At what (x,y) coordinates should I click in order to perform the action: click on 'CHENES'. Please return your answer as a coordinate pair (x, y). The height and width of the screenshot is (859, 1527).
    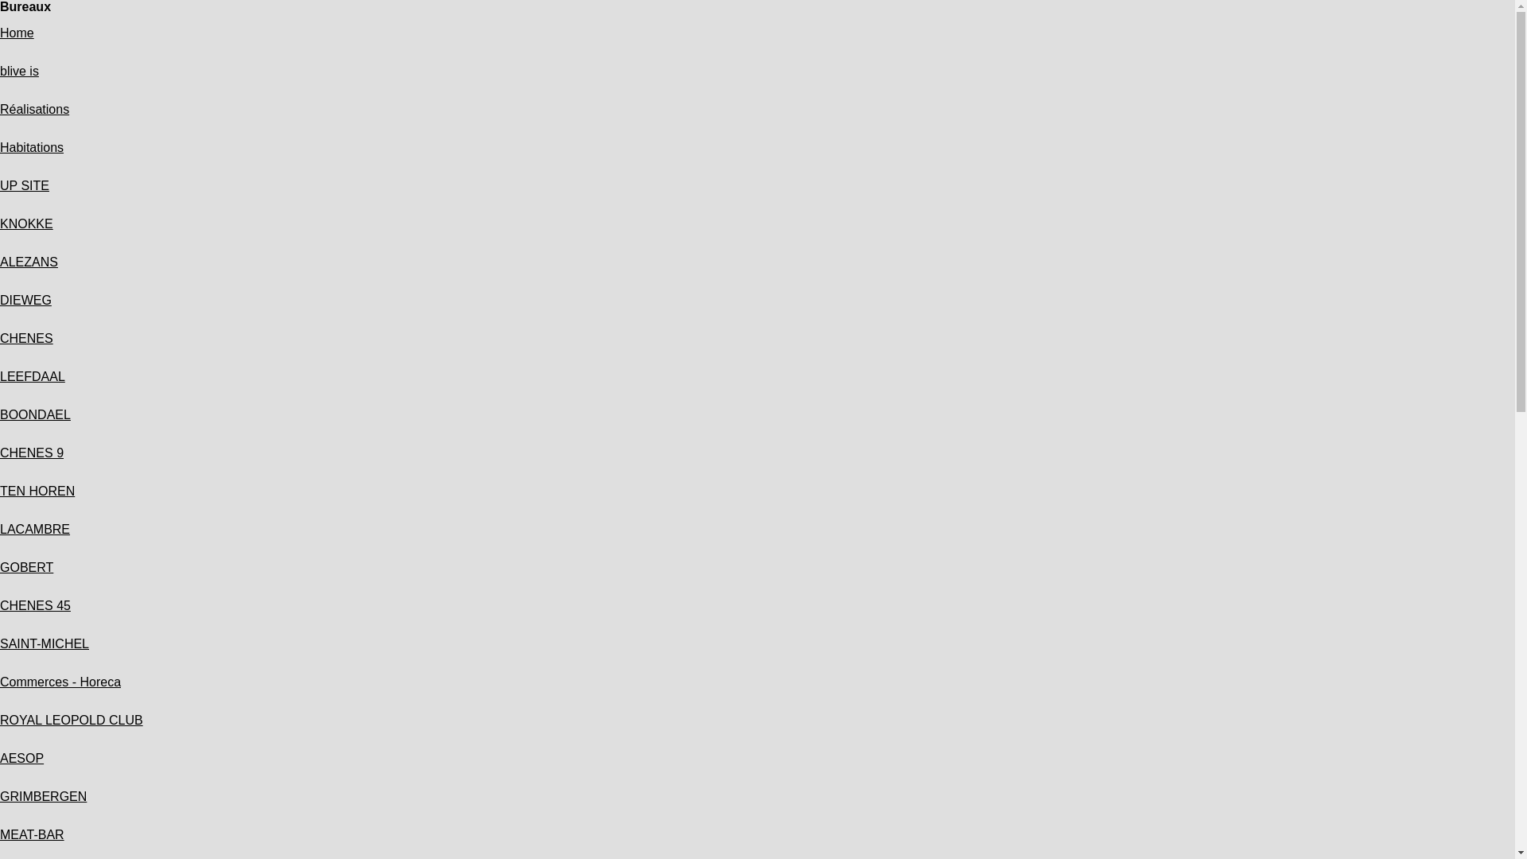
    Looking at the image, I should click on (26, 337).